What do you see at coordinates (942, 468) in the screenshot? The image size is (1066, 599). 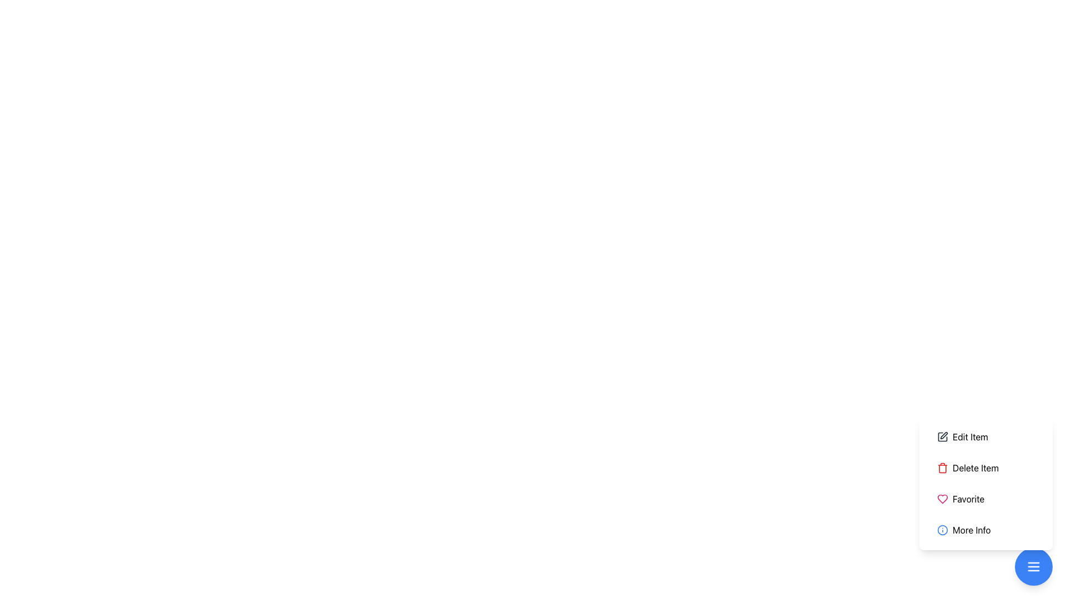 I see `the left vertical bar of the red trash bin icon representing the 'Delete Item' menu option` at bounding box center [942, 468].